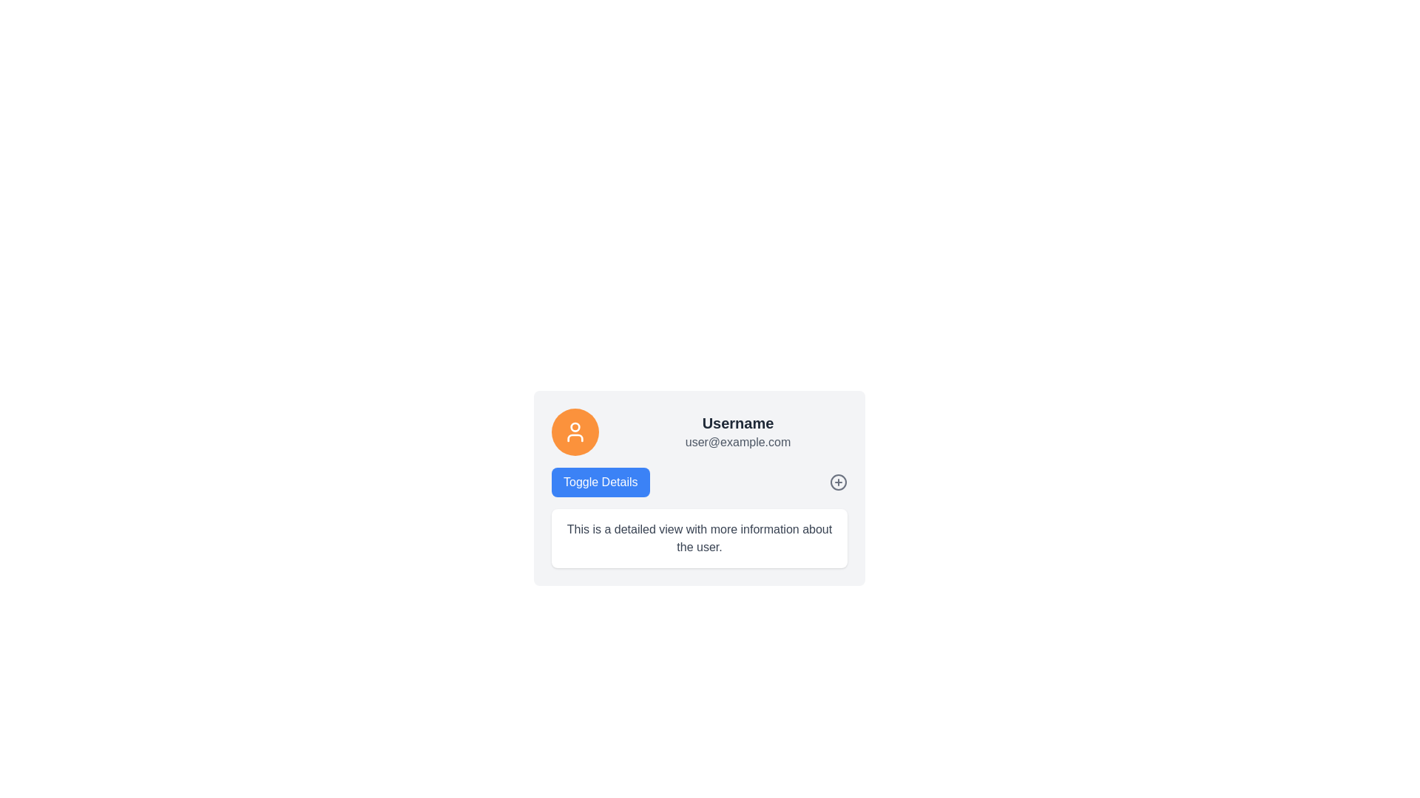 This screenshot has width=1420, height=798. What do you see at coordinates (574, 432) in the screenshot?
I see `the user icon which is inside a circular orange background, located above the text displaying the username and email` at bounding box center [574, 432].